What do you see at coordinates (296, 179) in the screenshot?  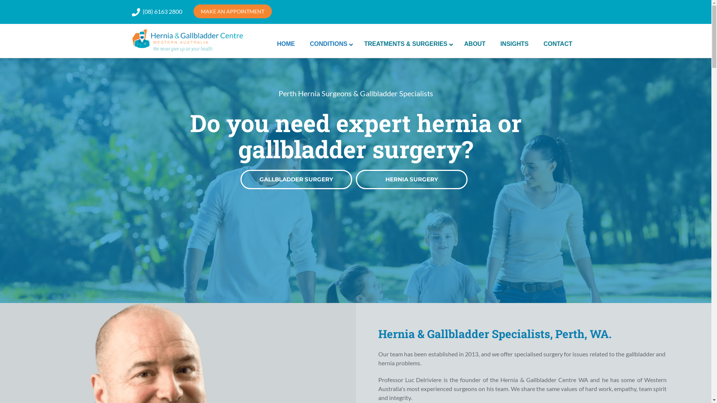 I see `'GALLBLADDER SURGERY'` at bounding box center [296, 179].